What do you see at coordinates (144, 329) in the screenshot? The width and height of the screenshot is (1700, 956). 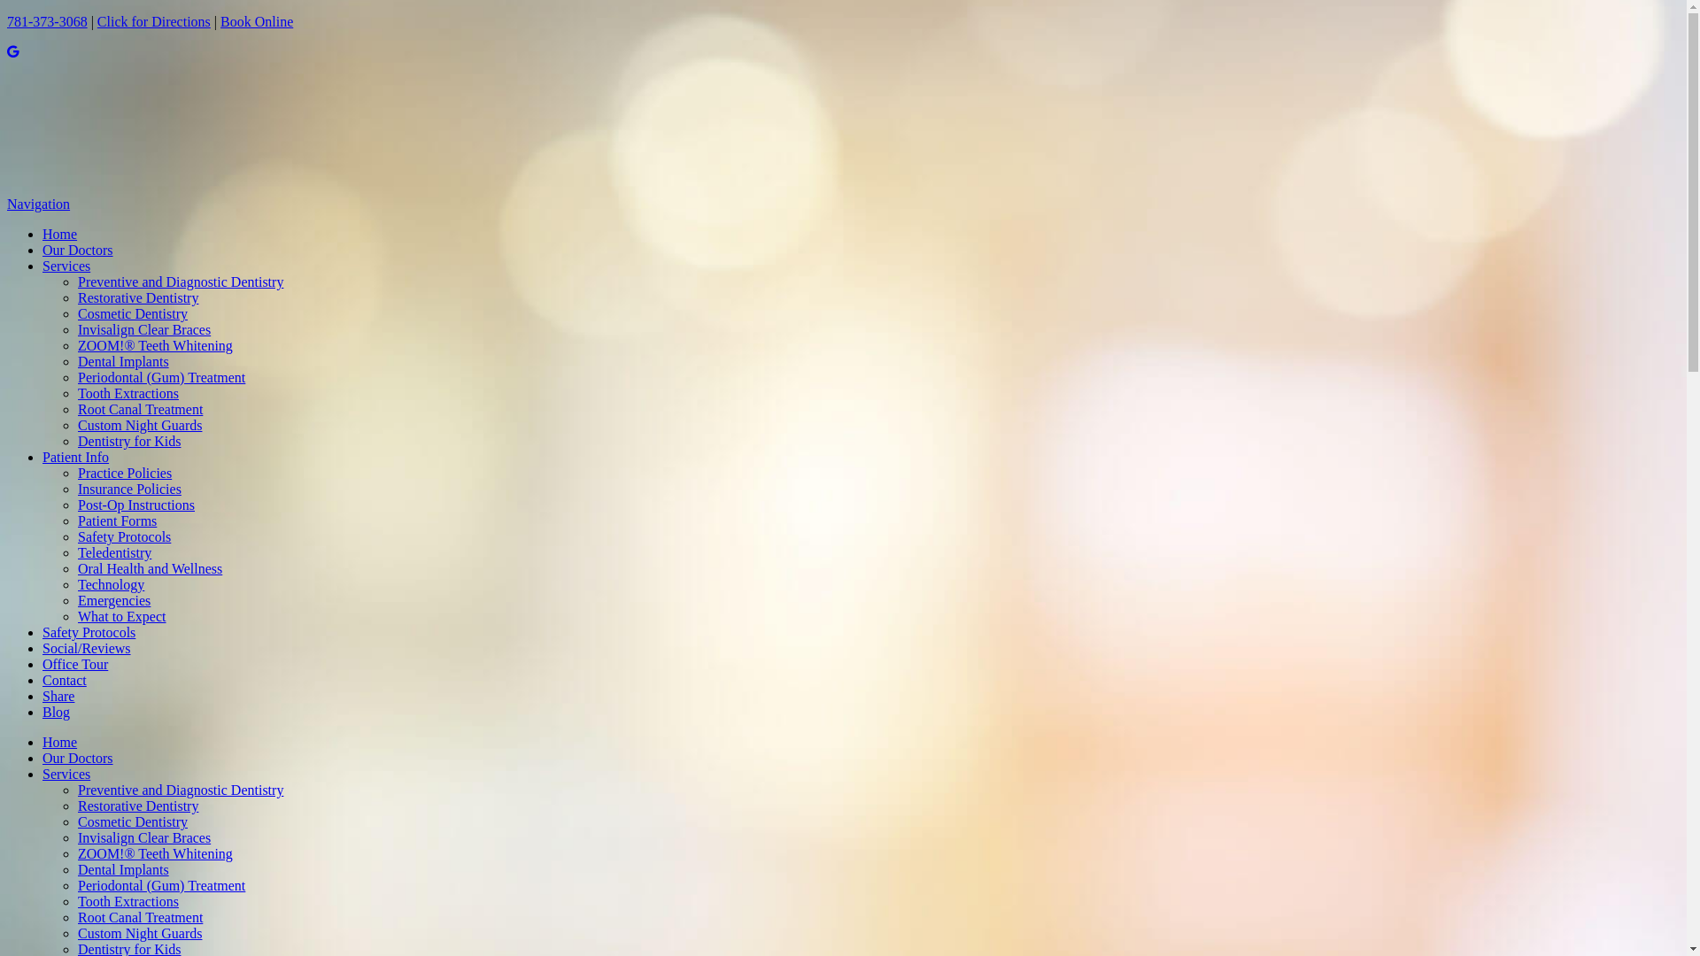 I see `'Invisalign Clear Braces'` at bounding box center [144, 329].